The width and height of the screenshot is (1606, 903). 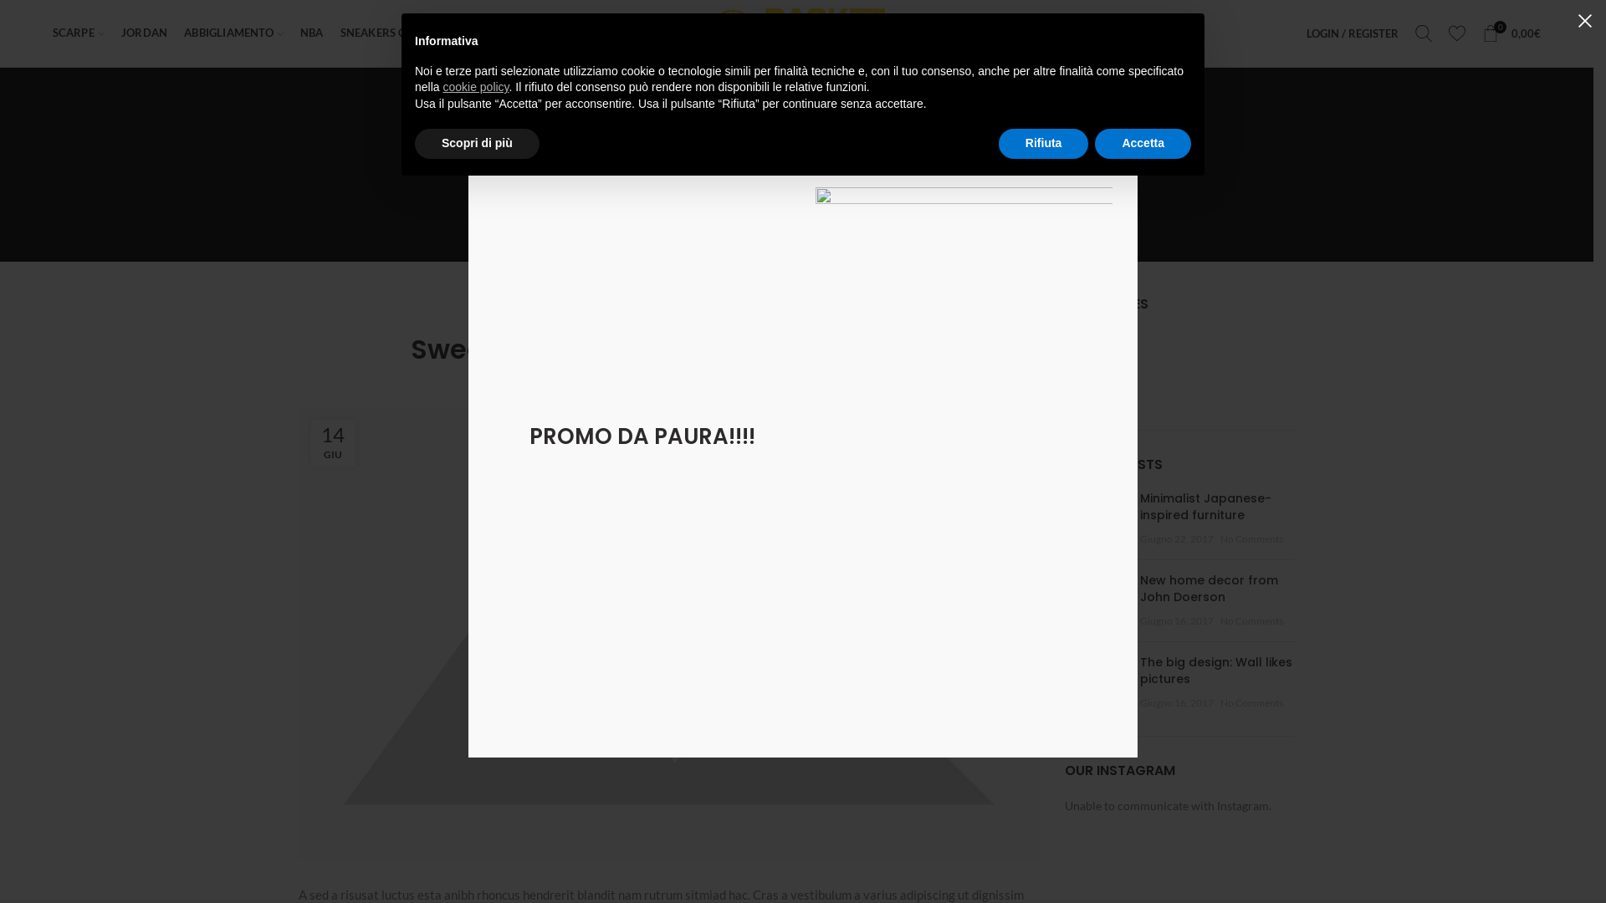 What do you see at coordinates (233, 33) in the screenshot?
I see `'ABBIGLIAMENTO'` at bounding box center [233, 33].